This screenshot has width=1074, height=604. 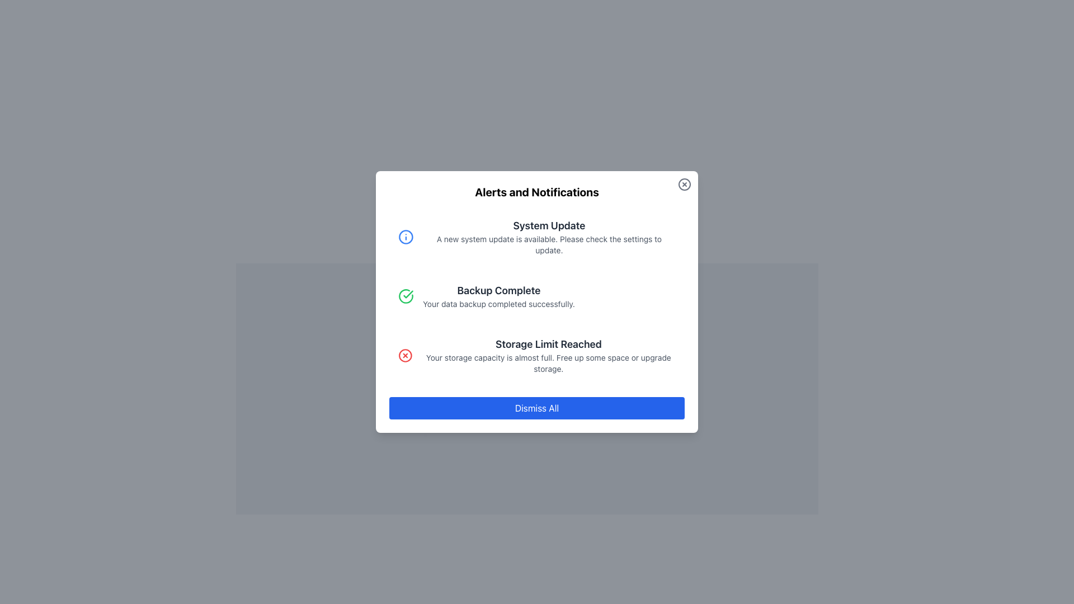 What do you see at coordinates (549, 237) in the screenshot?
I see `information displayed in the Textual Information Section titled 'System Update', which includes the message 'A new system update is available. Please check the settings to update.'` at bounding box center [549, 237].